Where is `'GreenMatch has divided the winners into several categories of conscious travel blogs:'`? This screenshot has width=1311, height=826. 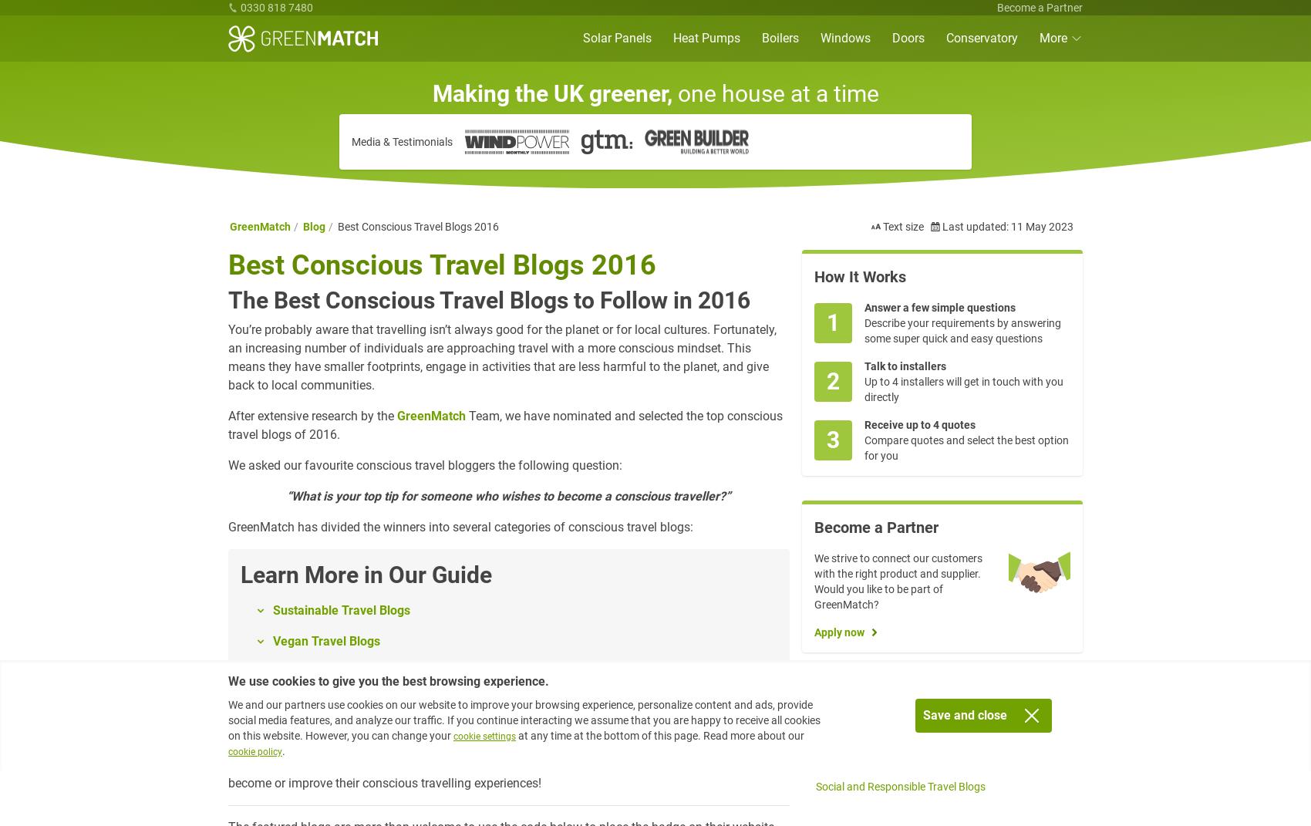
'GreenMatch has divided the winners into several categories of conscious travel blogs:' is located at coordinates (460, 526).